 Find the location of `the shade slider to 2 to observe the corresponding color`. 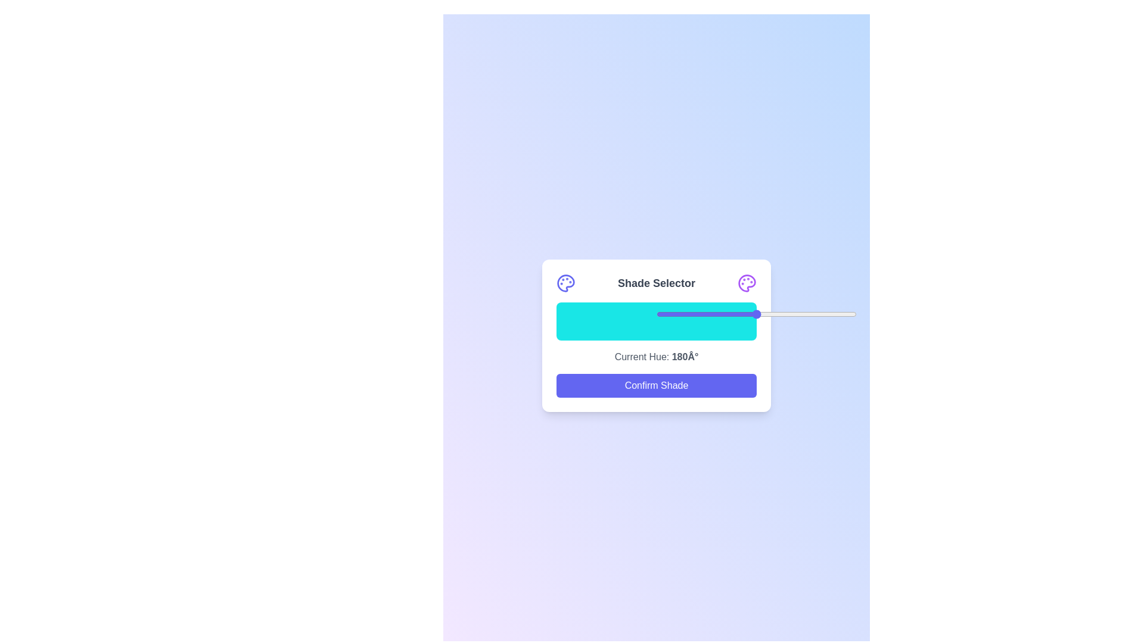

the shade slider to 2 to observe the corresponding color is located at coordinates (559, 321).